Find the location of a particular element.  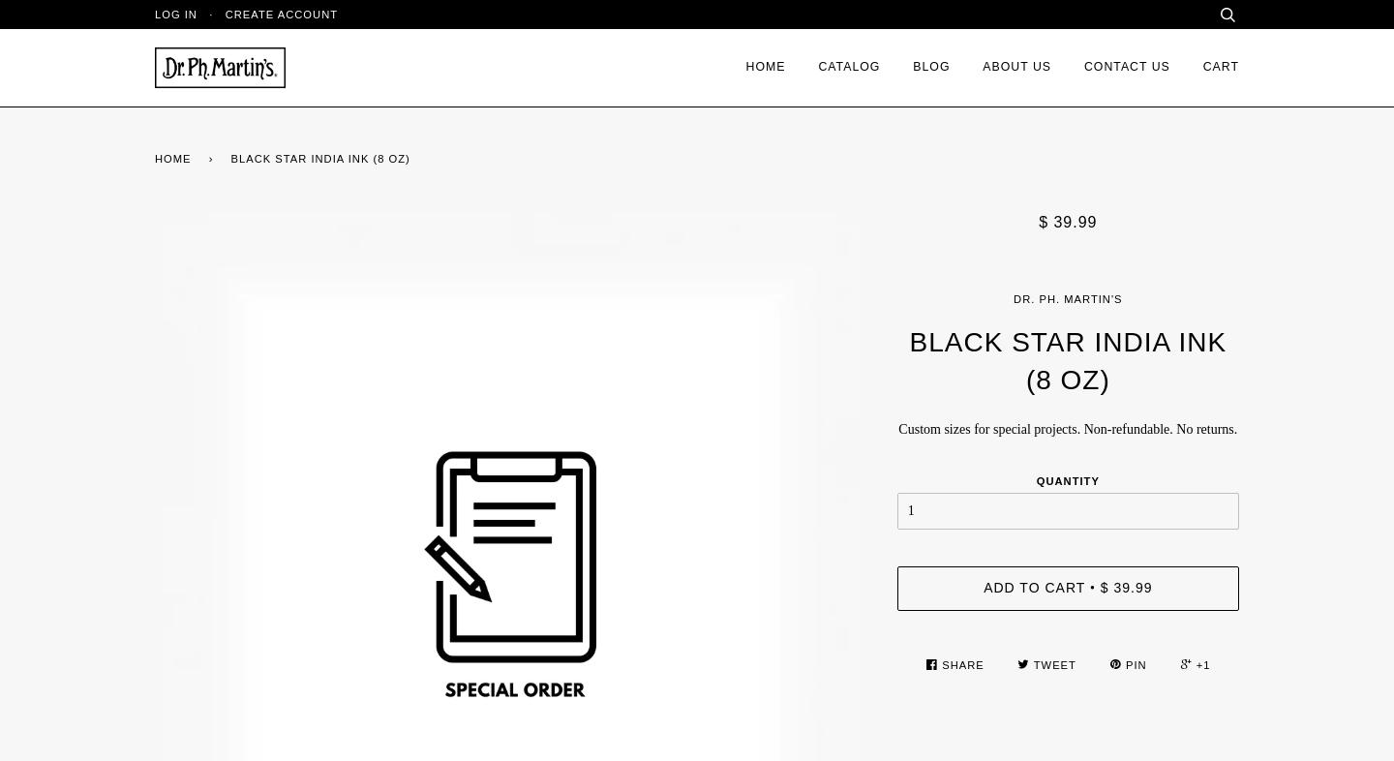

'Blog' is located at coordinates (930, 66).